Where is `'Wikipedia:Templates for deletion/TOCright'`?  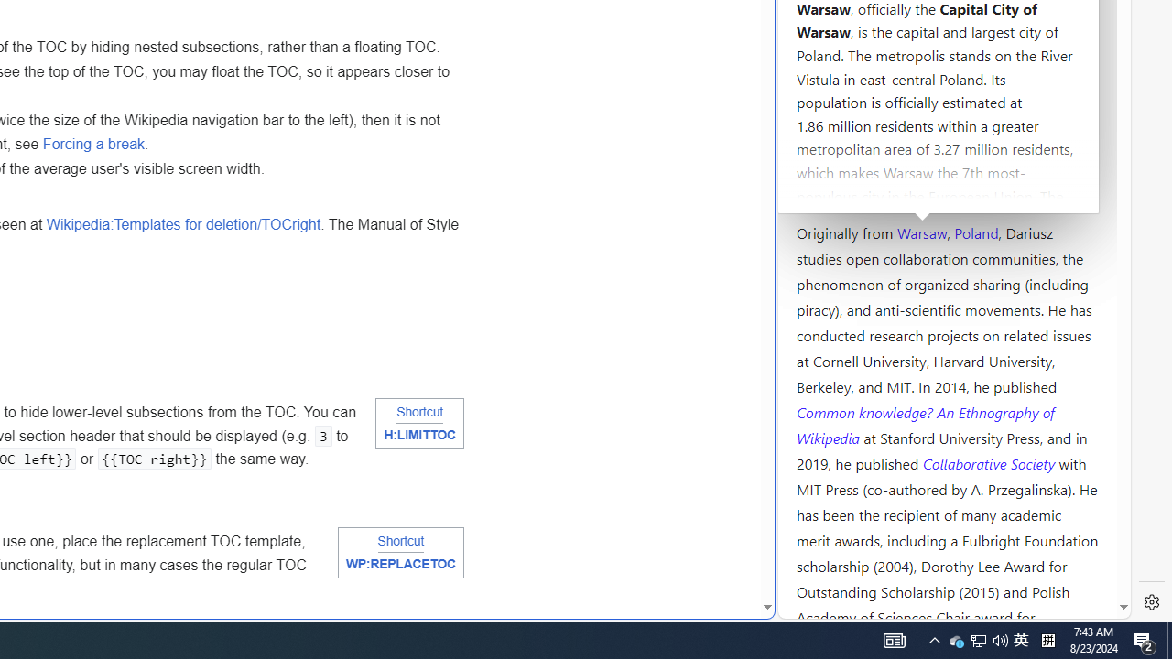
'Wikipedia:Templates for deletion/TOCright' is located at coordinates (183, 223).